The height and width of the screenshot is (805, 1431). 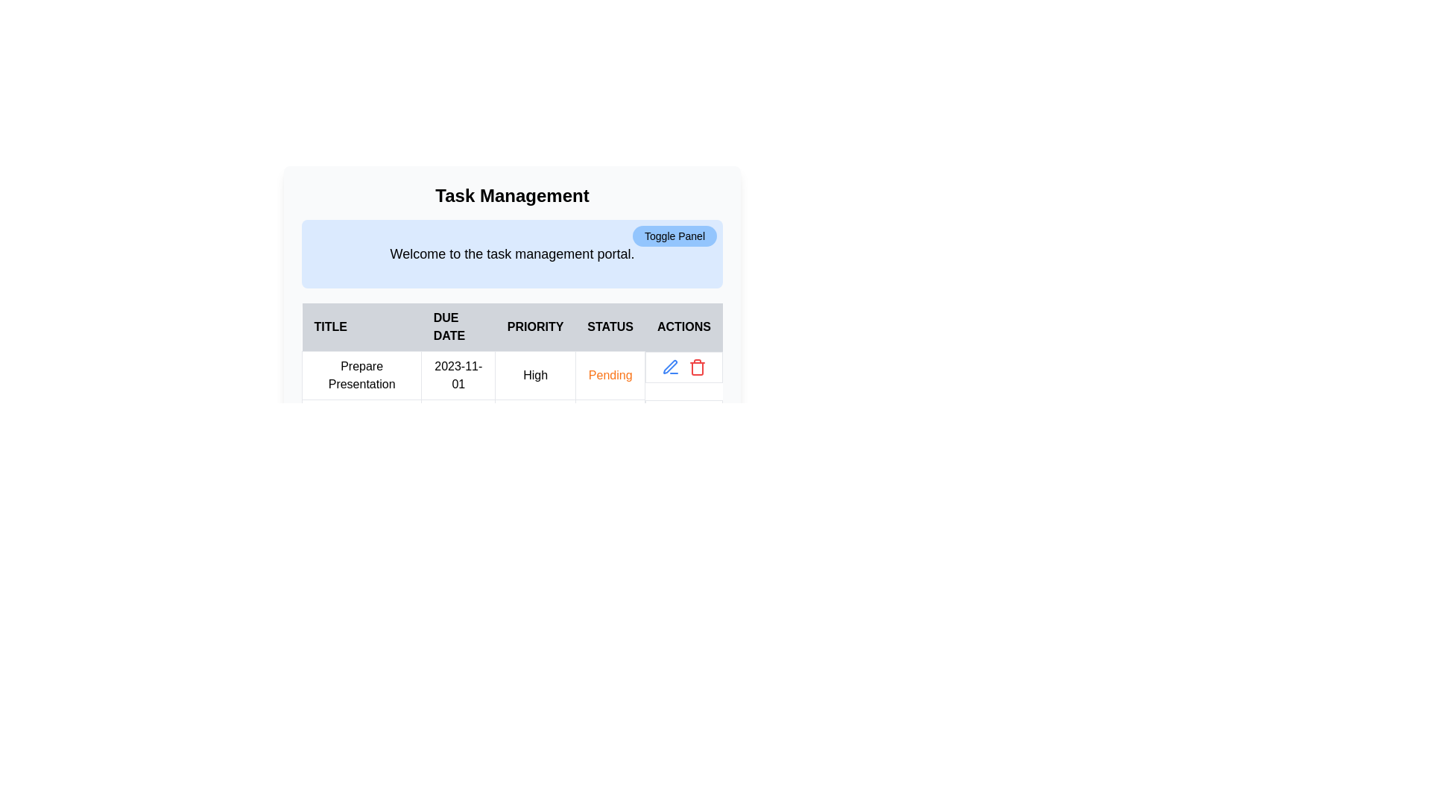 I want to click on the first row of the task table, so click(x=512, y=399).